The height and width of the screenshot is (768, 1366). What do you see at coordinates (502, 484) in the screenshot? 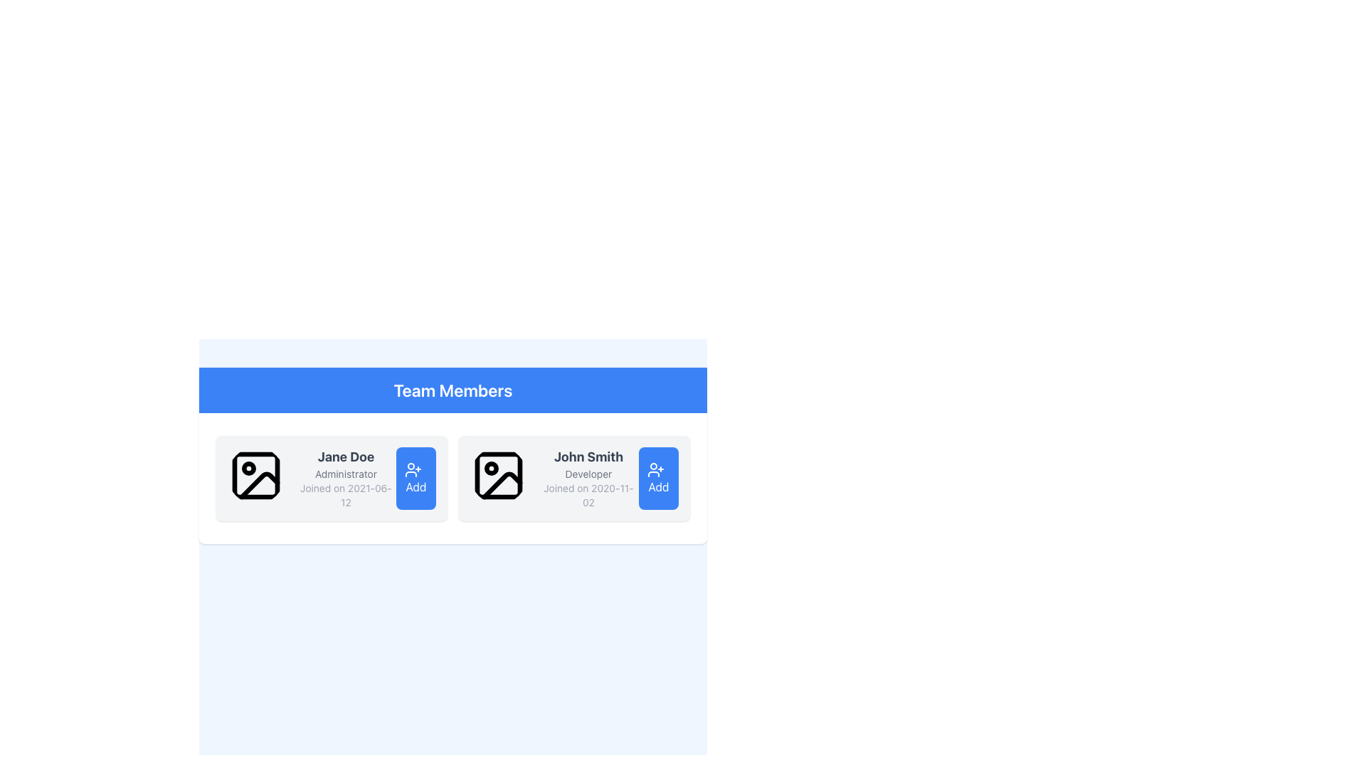
I see `the graphical icon representing the user's profile picture in the 'Team Members' section, located within the right profile card, positioned above 'John Smith' textual details` at bounding box center [502, 484].